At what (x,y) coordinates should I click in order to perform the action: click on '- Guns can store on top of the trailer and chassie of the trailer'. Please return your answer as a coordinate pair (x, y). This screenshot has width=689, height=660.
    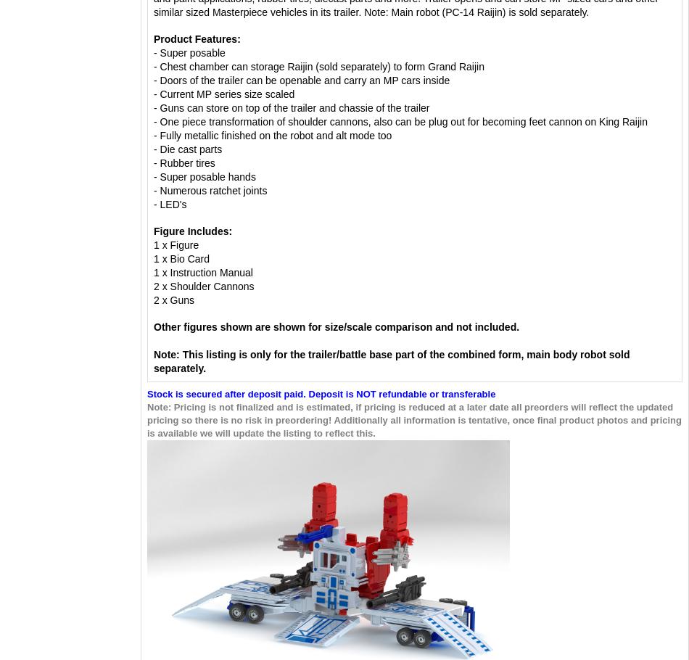
    Looking at the image, I should click on (292, 107).